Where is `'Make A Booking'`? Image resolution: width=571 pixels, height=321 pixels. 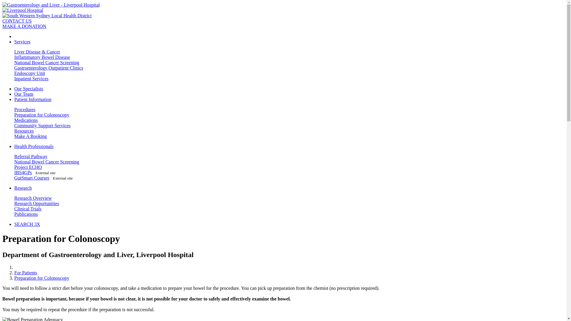
'Make A Booking' is located at coordinates (30, 136).